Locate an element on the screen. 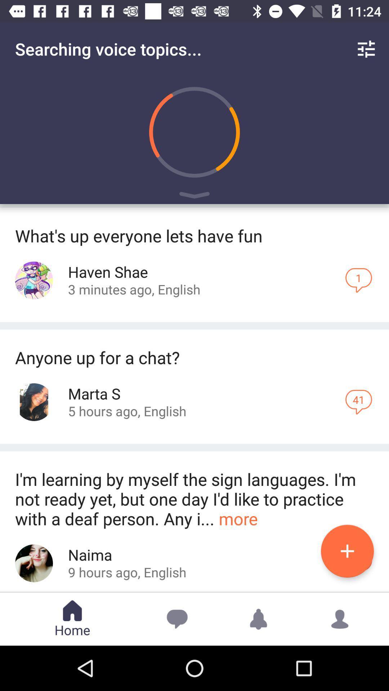 The width and height of the screenshot is (389, 691). option is located at coordinates (347, 551).